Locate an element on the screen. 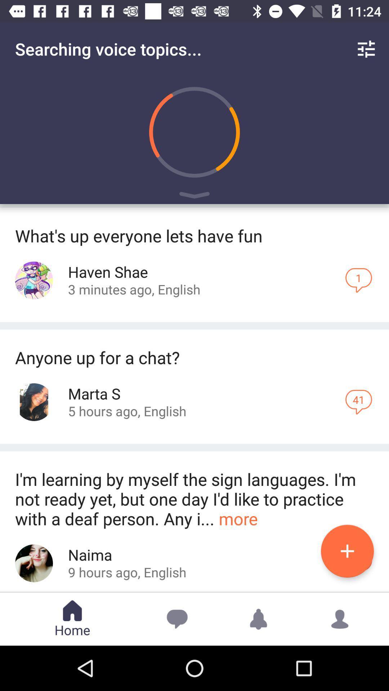 The width and height of the screenshot is (389, 691). option is located at coordinates (347, 551).